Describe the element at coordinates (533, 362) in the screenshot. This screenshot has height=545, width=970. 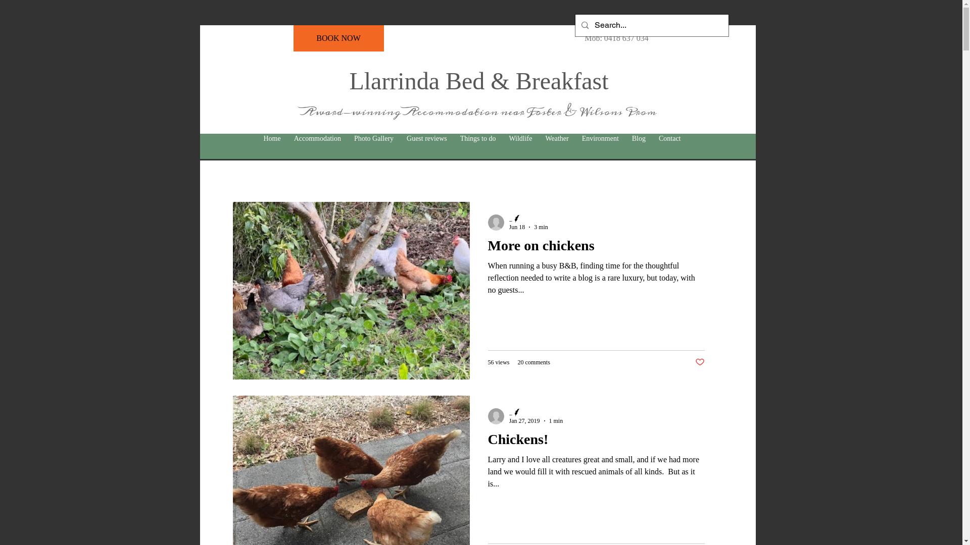
I see `'20 comments'` at that location.